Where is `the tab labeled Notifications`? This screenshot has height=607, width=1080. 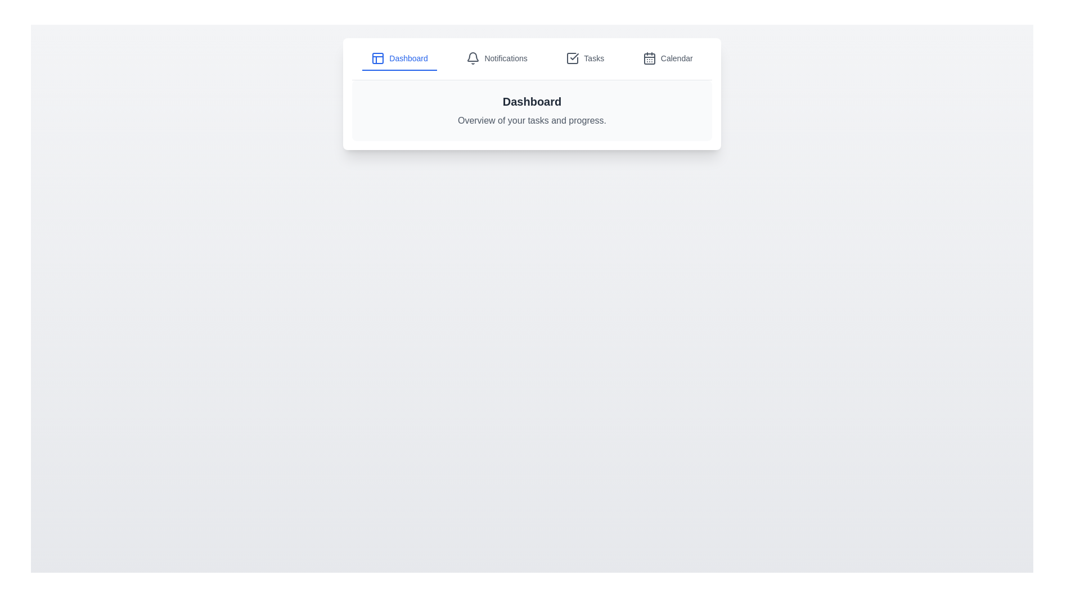 the tab labeled Notifications is located at coordinates (496, 58).